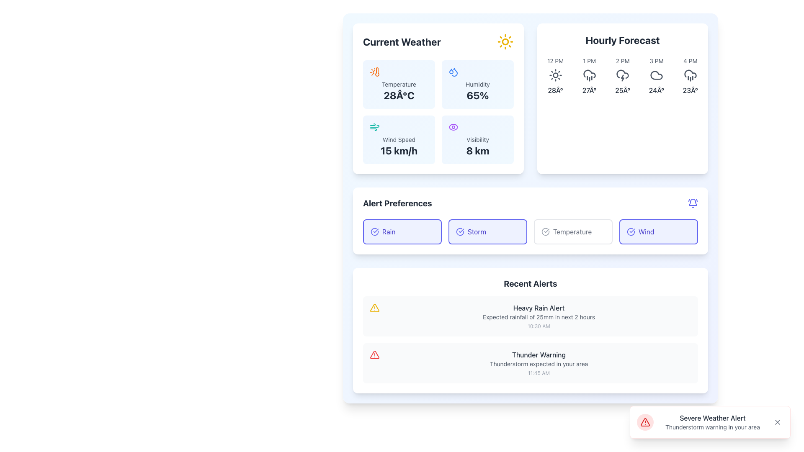 The width and height of the screenshot is (804, 452). What do you see at coordinates (478, 95) in the screenshot?
I see `the humidity percentage text display located beneath the 'Humidity' label in the 'Current Weather' section` at bounding box center [478, 95].